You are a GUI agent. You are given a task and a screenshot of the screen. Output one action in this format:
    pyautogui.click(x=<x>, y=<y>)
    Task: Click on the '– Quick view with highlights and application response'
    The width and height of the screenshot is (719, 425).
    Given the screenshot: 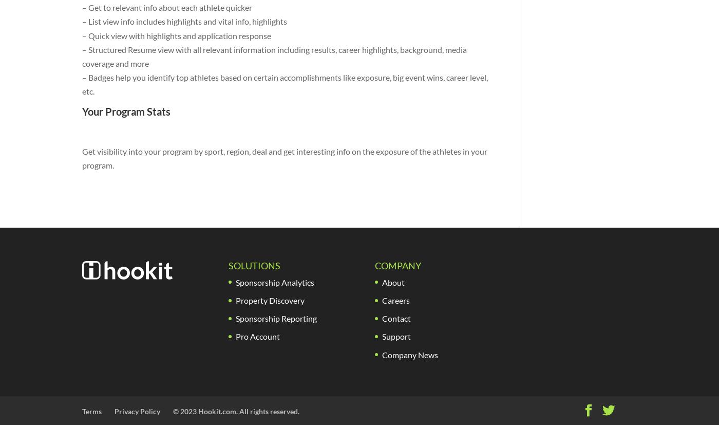 What is the action you would take?
    pyautogui.click(x=176, y=35)
    